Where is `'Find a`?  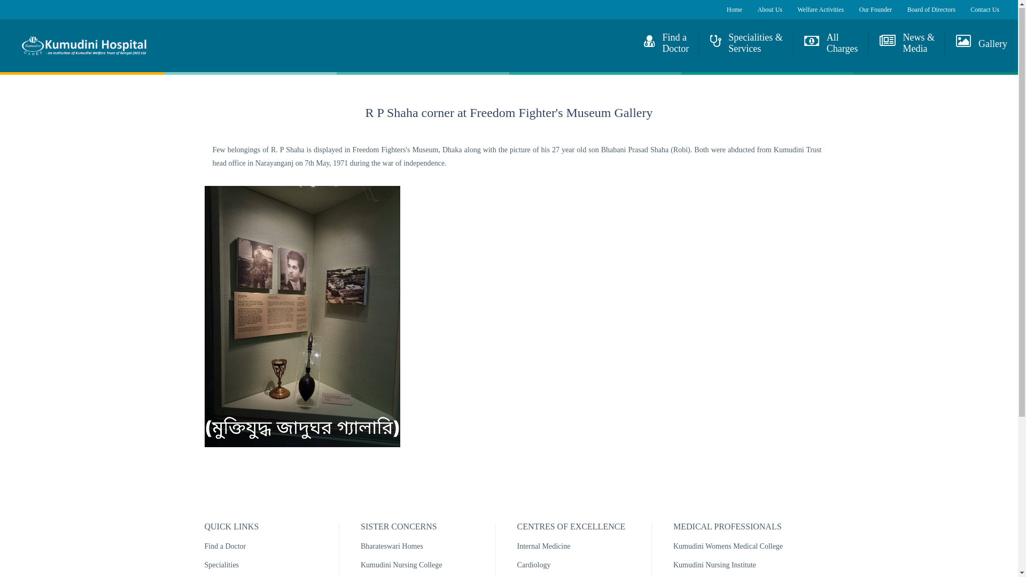 'Find a is located at coordinates (666, 44).